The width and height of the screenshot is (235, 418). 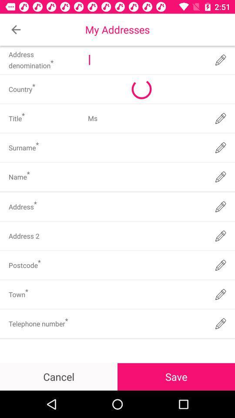 I want to click on insert address, so click(x=146, y=236).